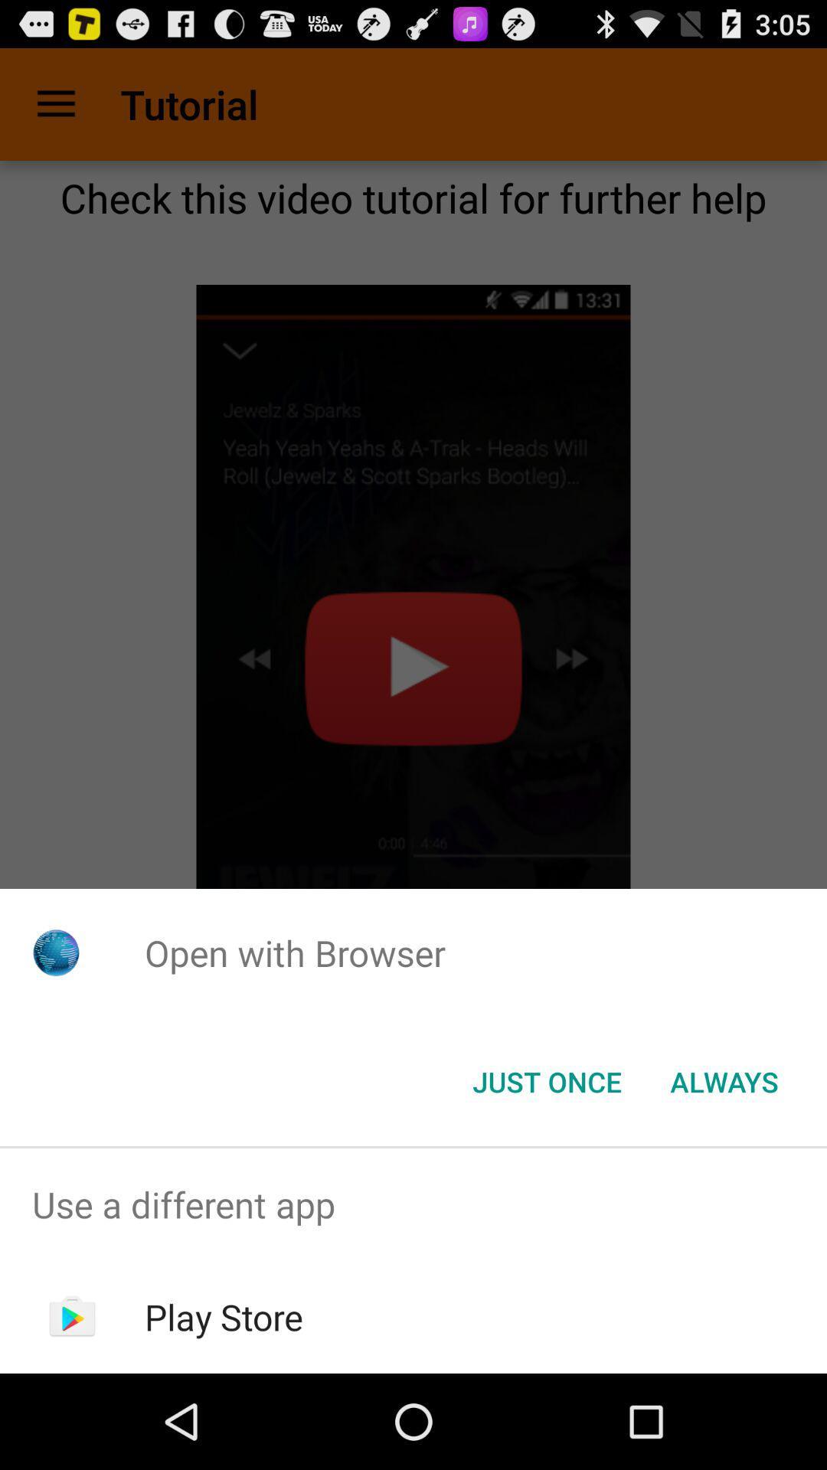  What do you see at coordinates (546, 1080) in the screenshot?
I see `the button to the left of the always` at bounding box center [546, 1080].